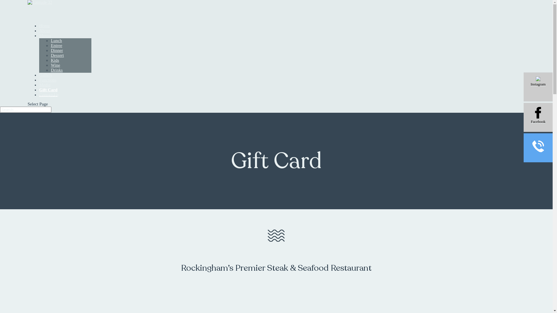  Describe the element at coordinates (45, 82) in the screenshot. I see `'Gallery'` at that location.